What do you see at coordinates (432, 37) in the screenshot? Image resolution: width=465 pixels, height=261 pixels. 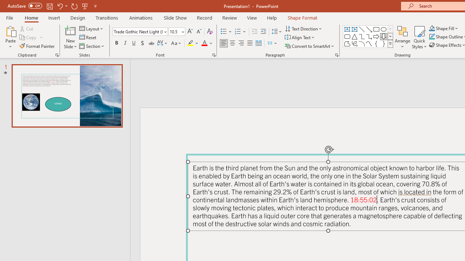 I see `'Shape Outline Teal, Accent 1'` at bounding box center [432, 37].